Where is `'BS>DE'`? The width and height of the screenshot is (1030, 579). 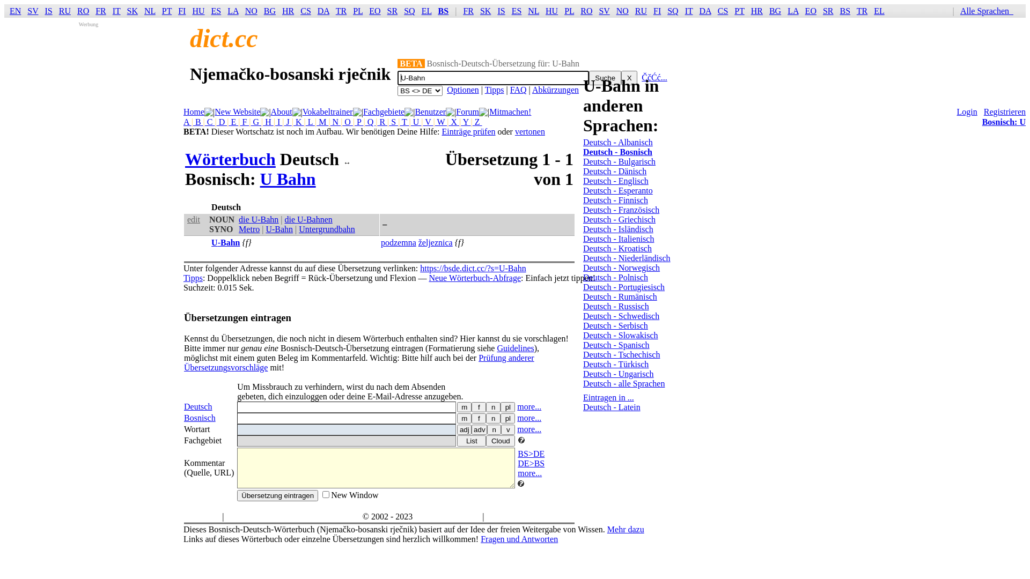
'BS>DE' is located at coordinates (531, 454).